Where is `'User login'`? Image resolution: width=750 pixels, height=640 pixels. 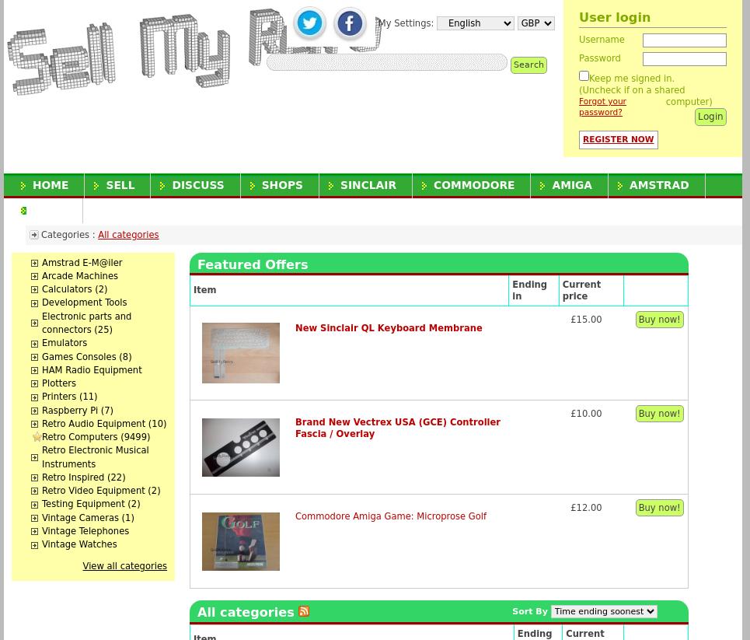 'User login' is located at coordinates (615, 16).